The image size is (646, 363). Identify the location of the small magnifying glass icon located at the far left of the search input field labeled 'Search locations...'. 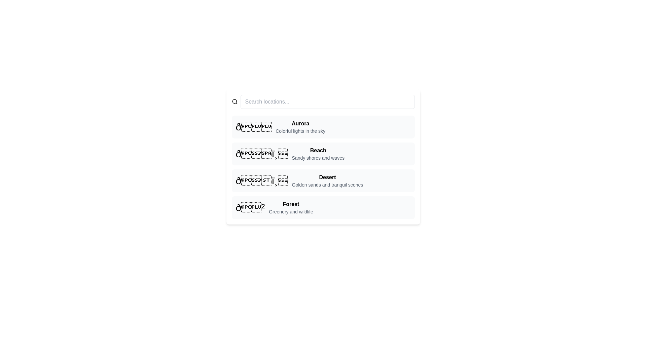
(234, 102).